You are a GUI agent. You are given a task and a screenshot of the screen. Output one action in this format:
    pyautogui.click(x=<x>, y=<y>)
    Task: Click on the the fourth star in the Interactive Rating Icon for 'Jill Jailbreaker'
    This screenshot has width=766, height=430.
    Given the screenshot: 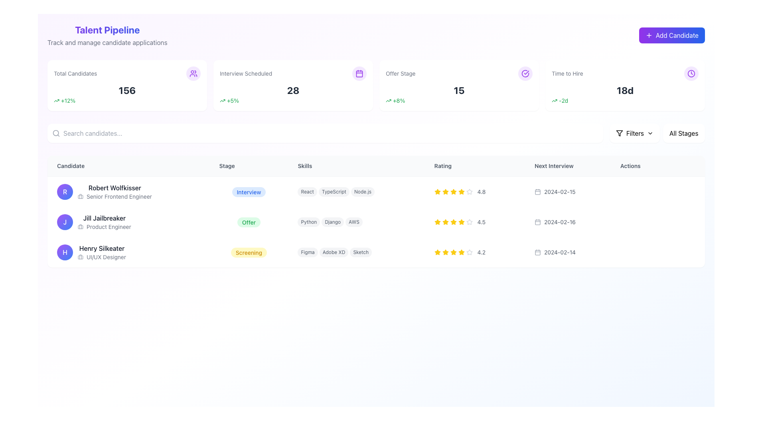 What is the action you would take?
    pyautogui.click(x=461, y=222)
    